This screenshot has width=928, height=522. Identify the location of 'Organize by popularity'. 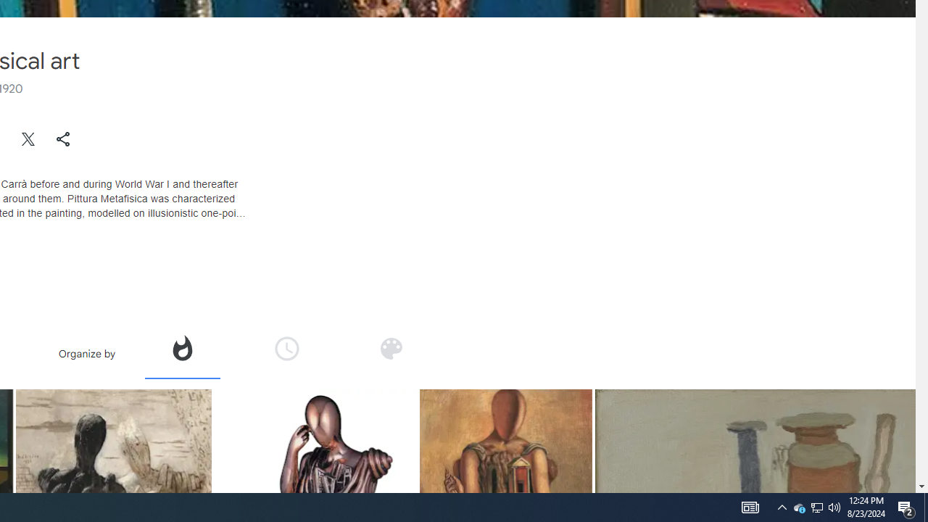
(181, 353).